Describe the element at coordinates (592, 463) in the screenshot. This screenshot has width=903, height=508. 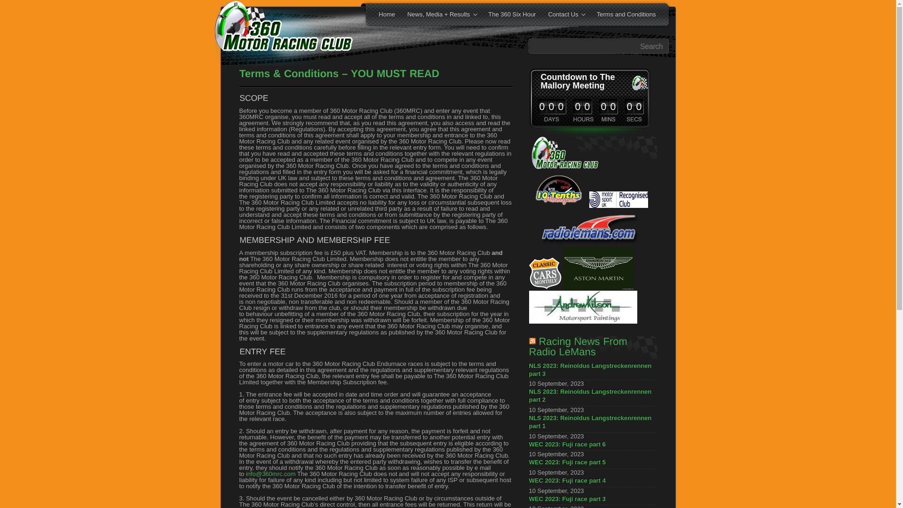
I see `'WEC 2023: Fuji race part 5'` at that location.